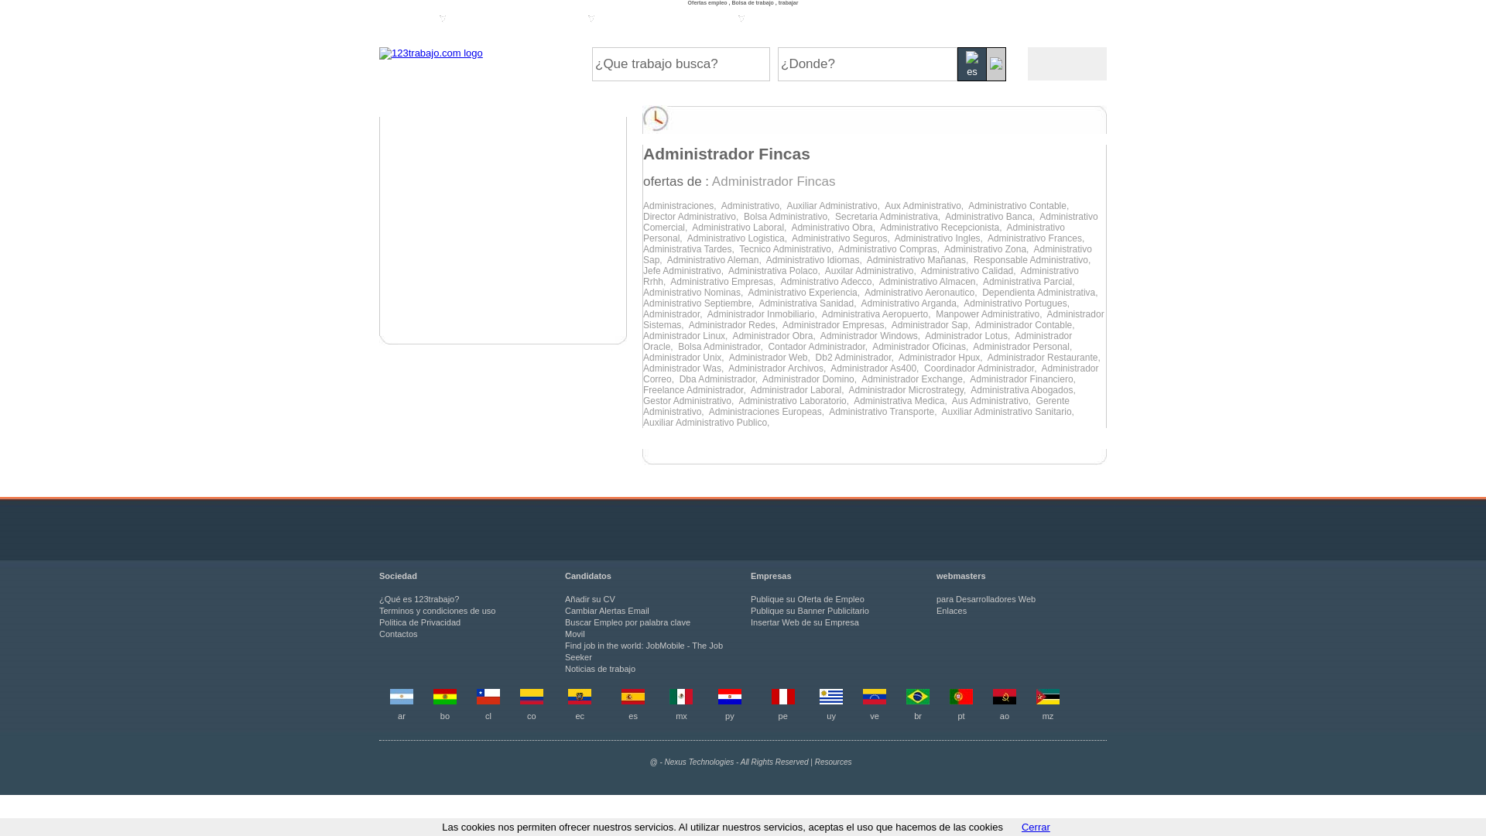  Describe the element at coordinates (696, 389) in the screenshot. I see `'Freelance Administrador, '` at that location.